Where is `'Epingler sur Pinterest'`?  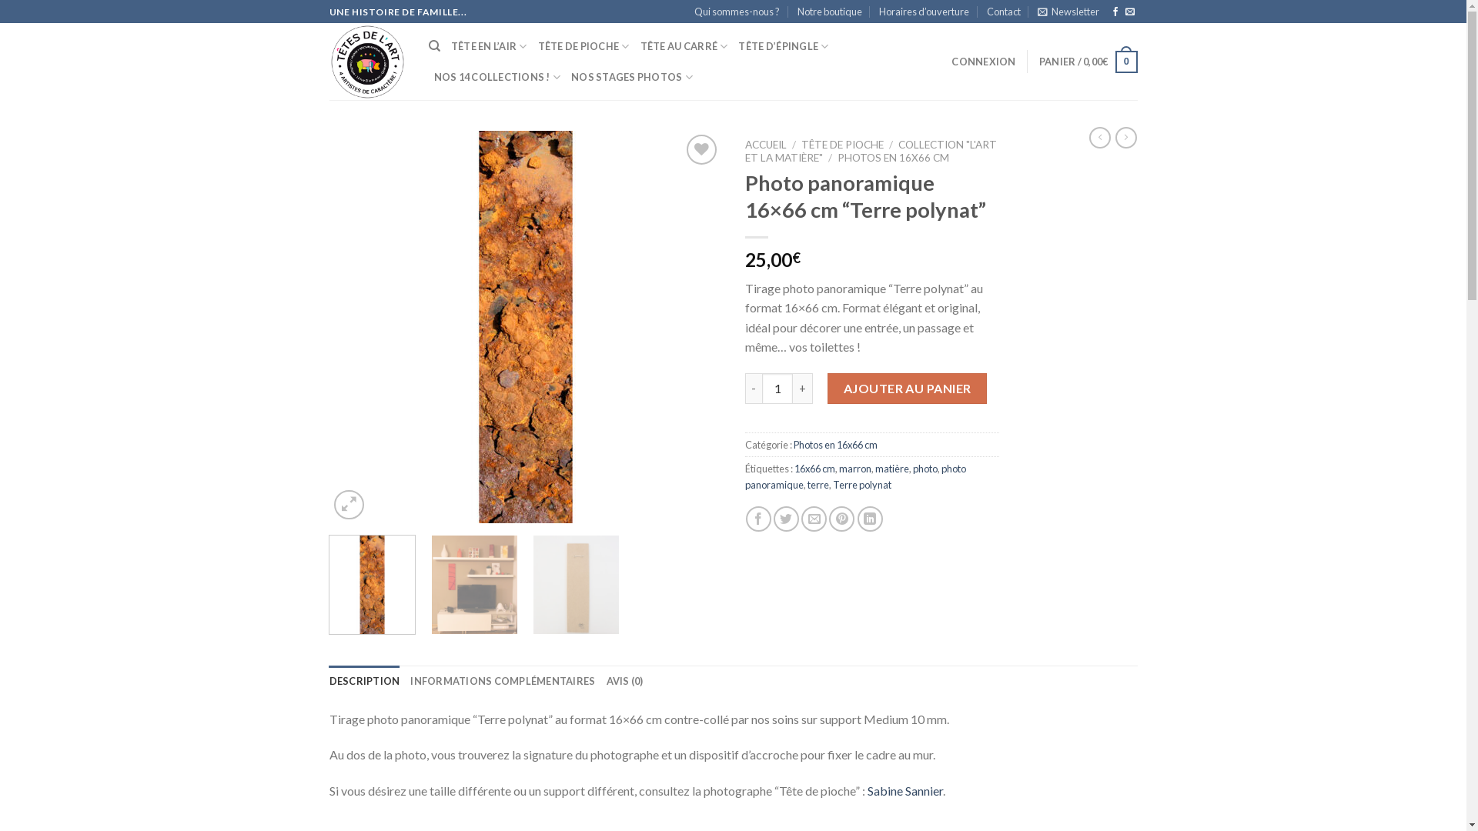
'Epingler sur Pinterest' is located at coordinates (828, 519).